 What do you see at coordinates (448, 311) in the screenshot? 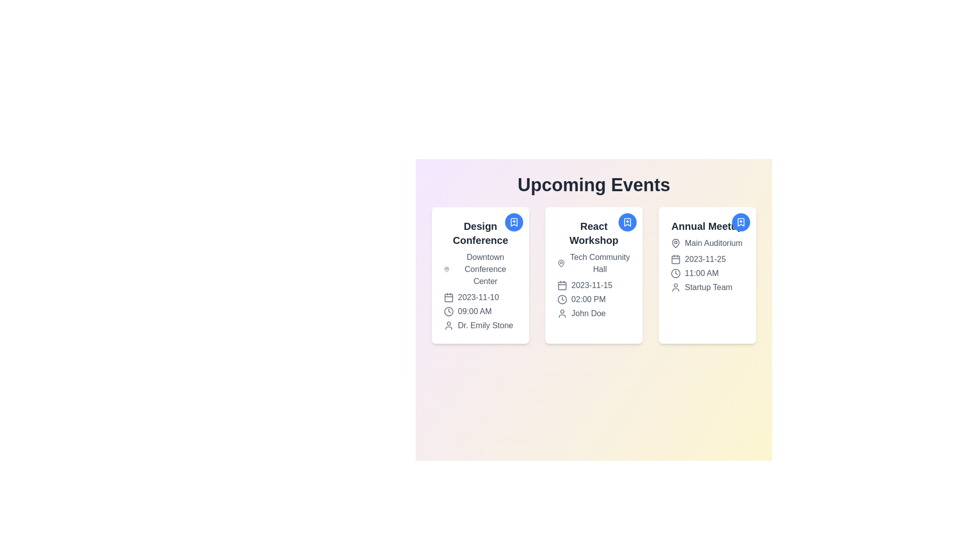
I see `the clock icon located to the left of the text '09:00 AM' within the 'Design Conference' card` at bounding box center [448, 311].